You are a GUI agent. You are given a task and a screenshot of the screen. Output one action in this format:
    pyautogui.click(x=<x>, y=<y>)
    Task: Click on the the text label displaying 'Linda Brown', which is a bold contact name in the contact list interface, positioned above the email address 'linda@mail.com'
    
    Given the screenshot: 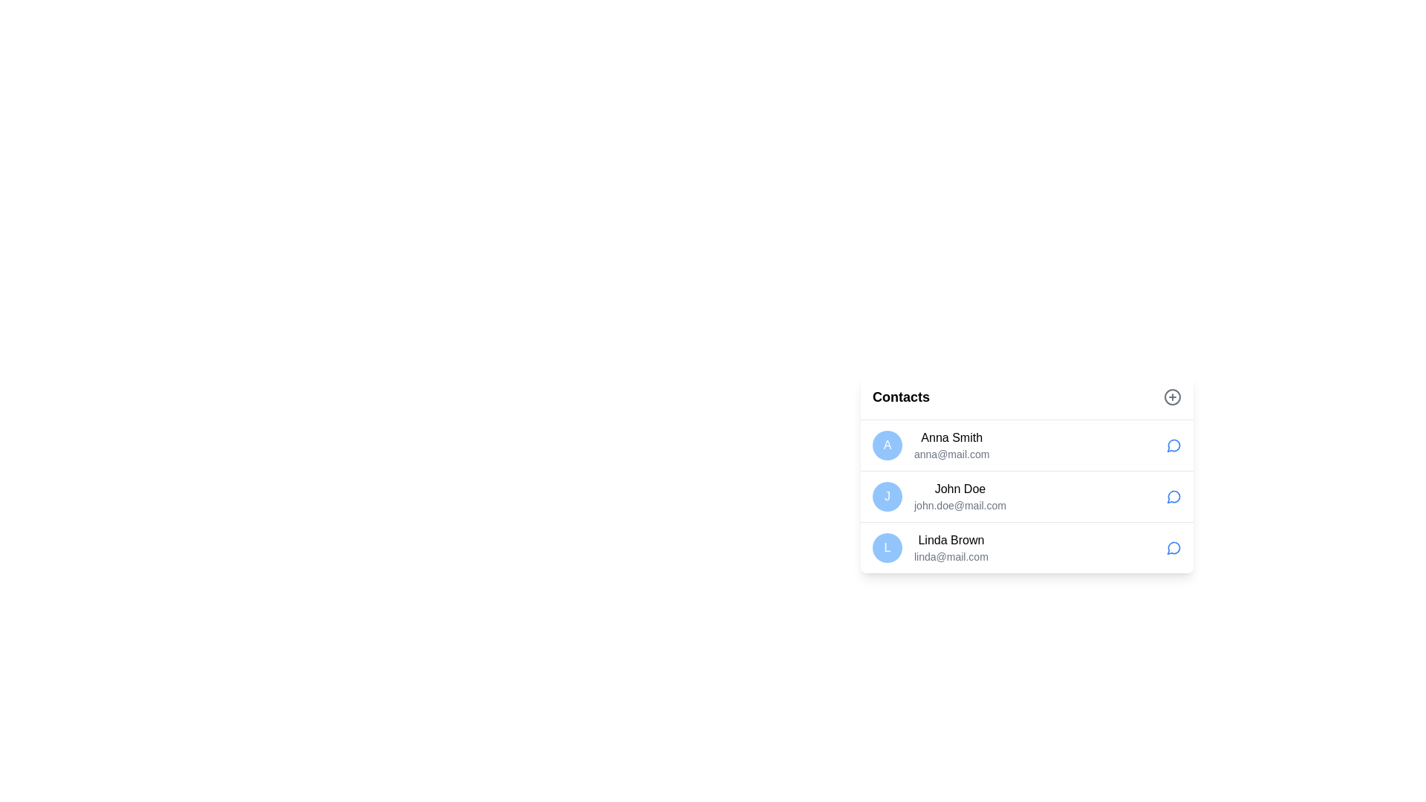 What is the action you would take?
    pyautogui.click(x=951, y=541)
    